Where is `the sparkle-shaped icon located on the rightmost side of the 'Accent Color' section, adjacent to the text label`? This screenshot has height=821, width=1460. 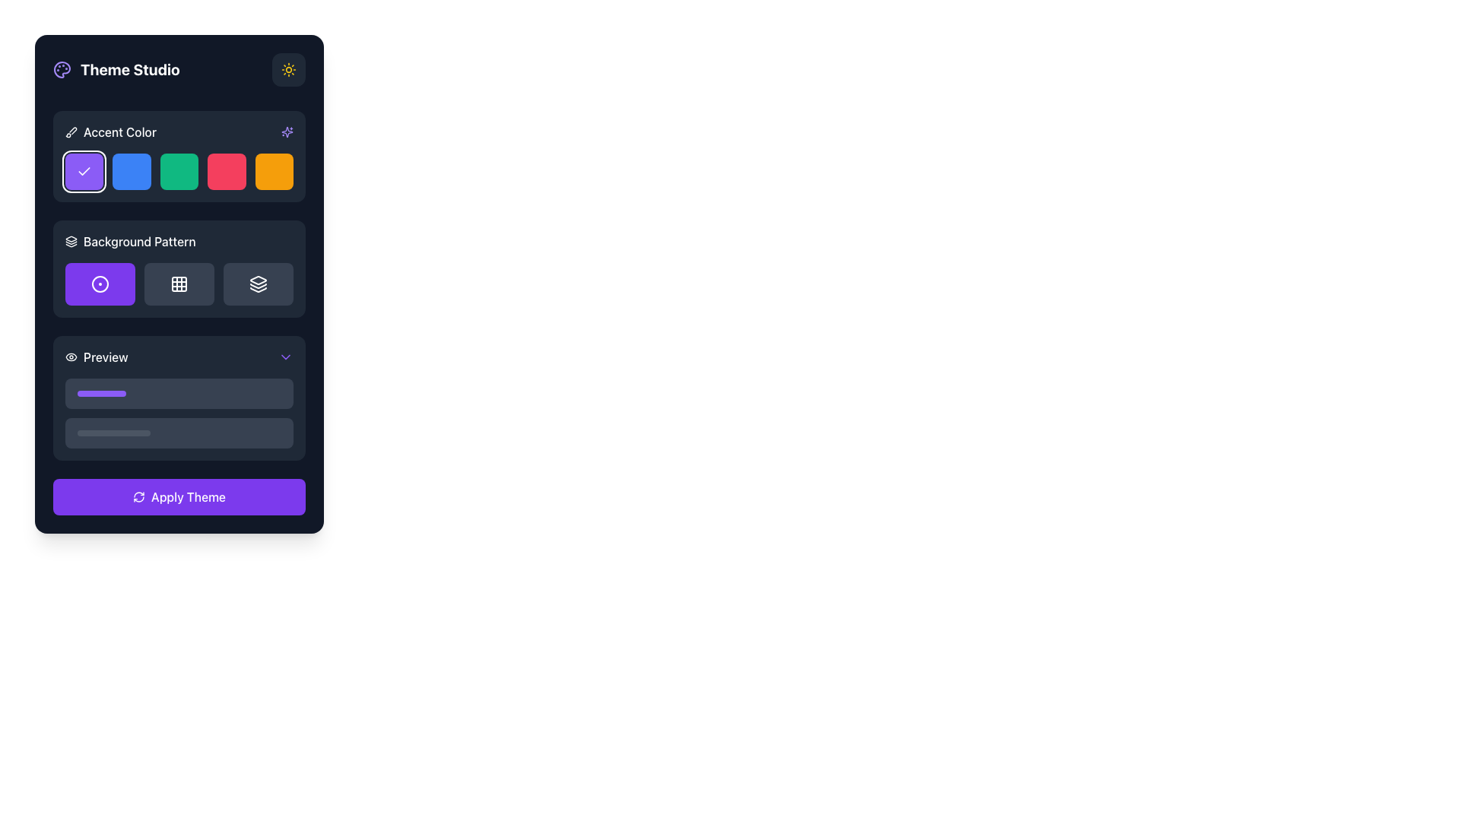
the sparkle-shaped icon located on the rightmost side of the 'Accent Color' section, adjacent to the text label is located at coordinates (287, 131).